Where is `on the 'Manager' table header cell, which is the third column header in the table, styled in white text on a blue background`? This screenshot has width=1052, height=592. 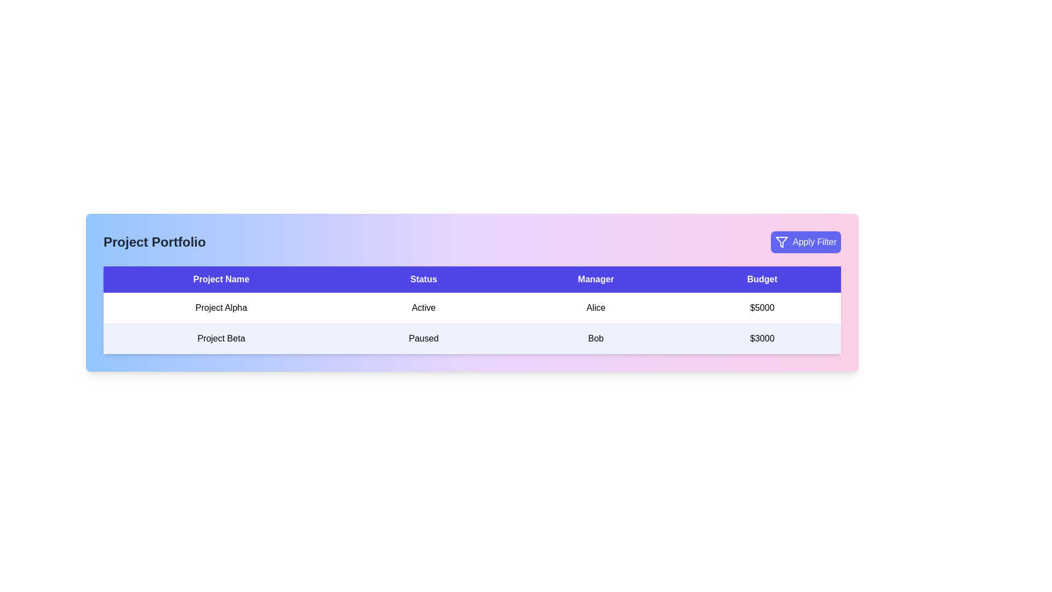 on the 'Manager' table header cell, which is the third column header in the table, styled in white text on a blue background is located at coordinates (595, 278).